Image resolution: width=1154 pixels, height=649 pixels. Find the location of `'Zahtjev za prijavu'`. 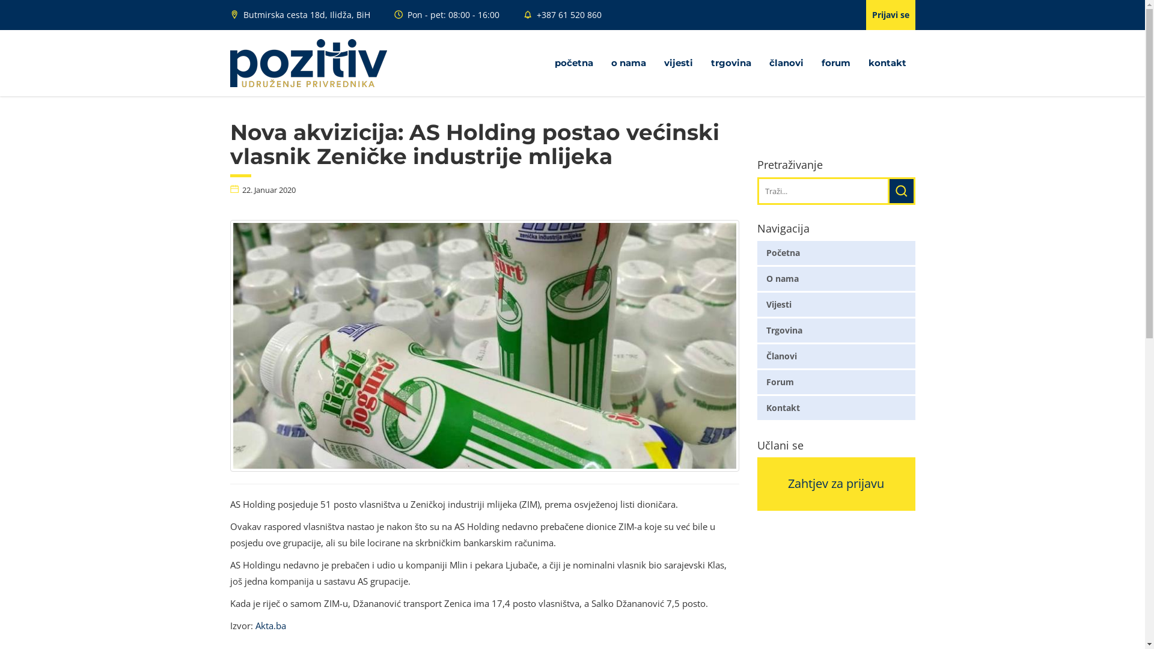

'Zahtjev za prijavu' is located at coordinates (756, 483).